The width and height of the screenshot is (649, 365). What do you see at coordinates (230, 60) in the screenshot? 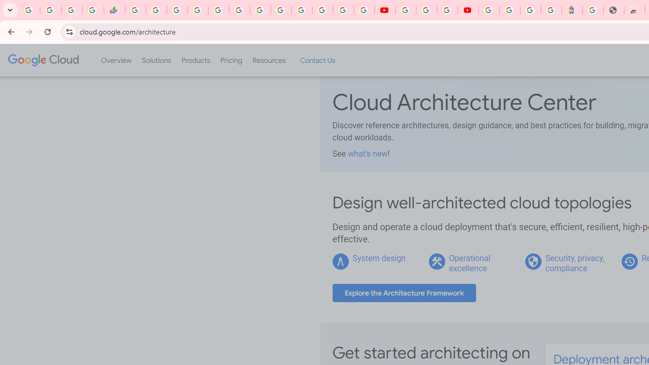
I see `'Pricing'` at bounding box center [230, 60].